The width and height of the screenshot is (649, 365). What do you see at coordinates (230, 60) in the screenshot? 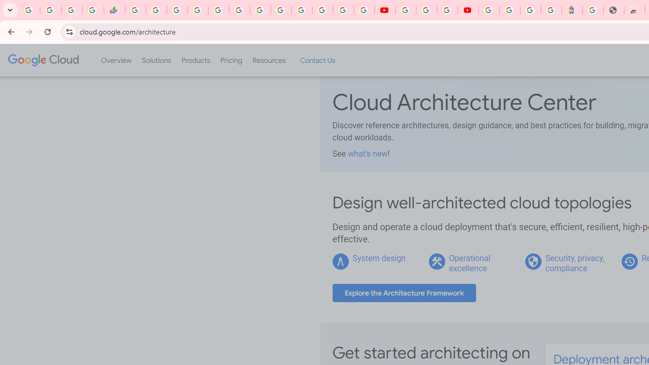
I see `'Pricing'` at bounding box center [230, 60].